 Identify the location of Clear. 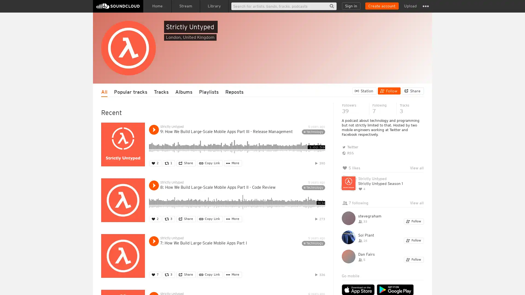
(405, 149).